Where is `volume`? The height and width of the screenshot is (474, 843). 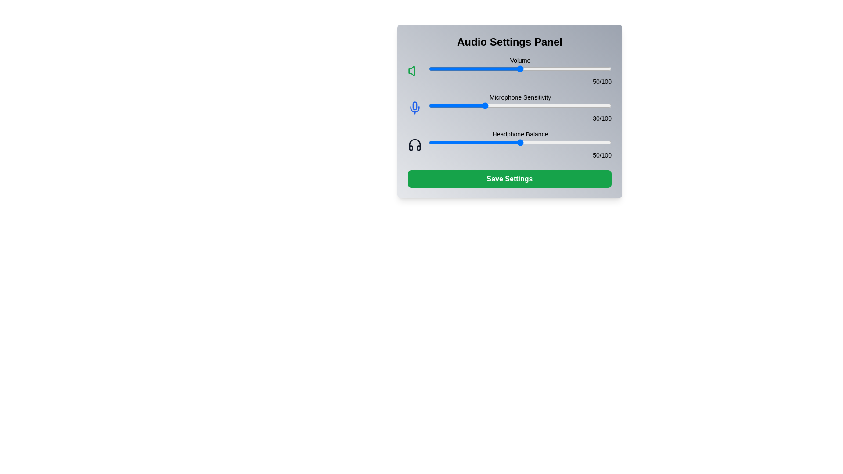 volume is located at coordinates (571, 68).